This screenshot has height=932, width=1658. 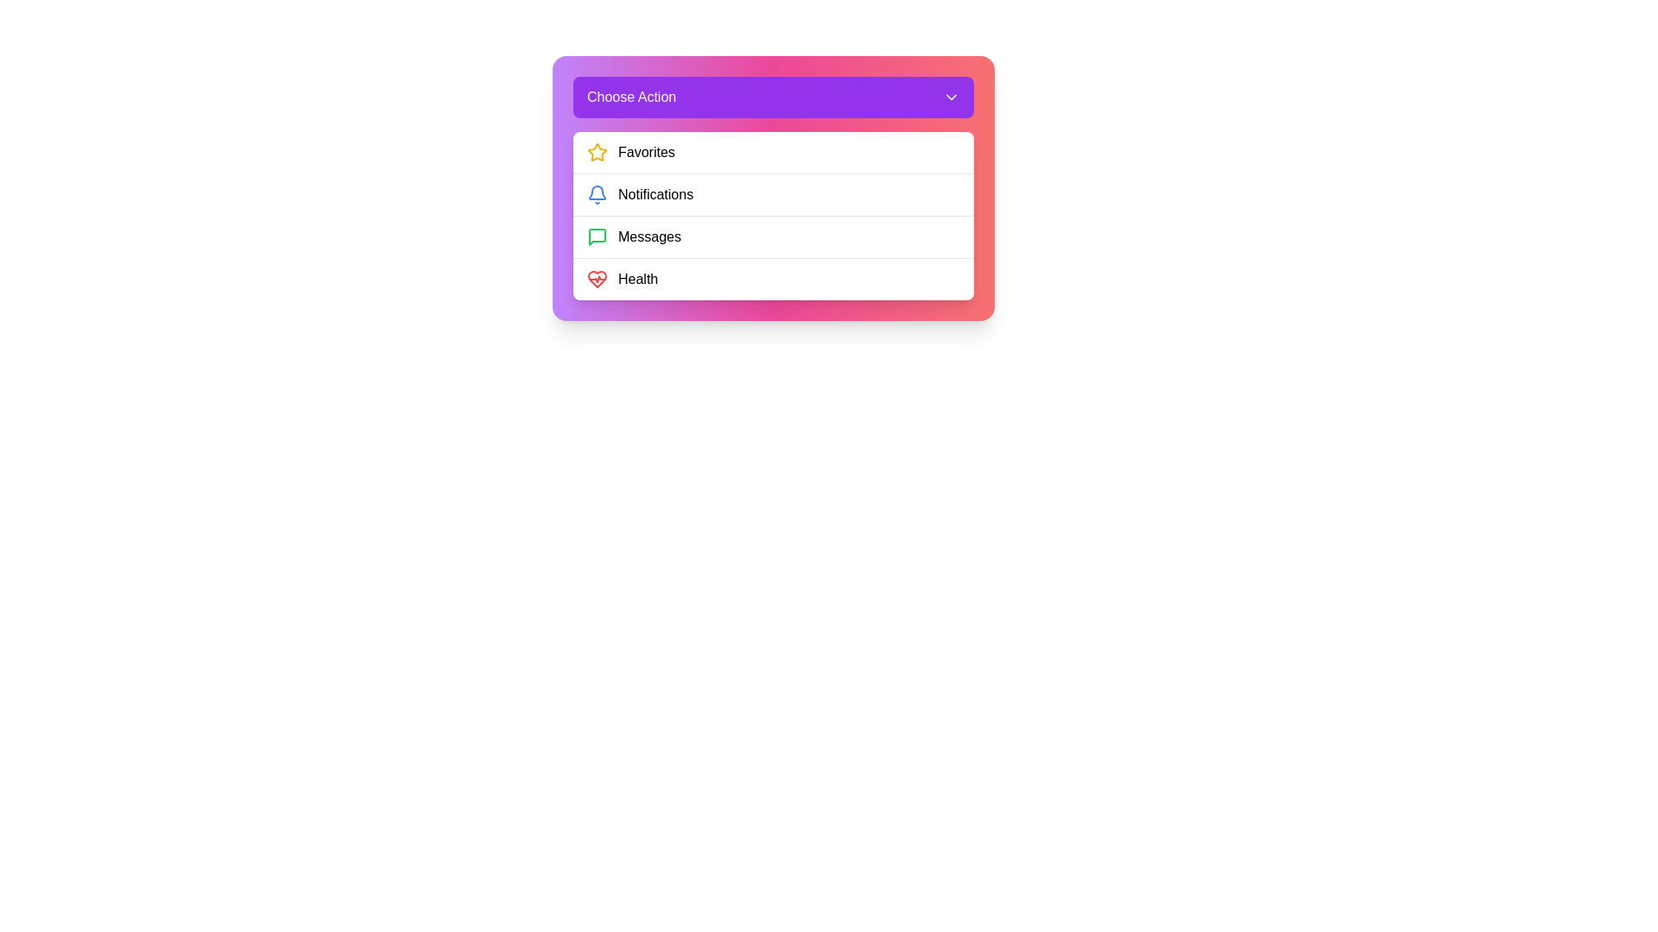 What do you see at coordinates (597, 151) in the screenshot?
I see `the yellow star icon with a hollow center located in the dropdown menu next to the 'Favorites' option` at bounding box center [597, 151].